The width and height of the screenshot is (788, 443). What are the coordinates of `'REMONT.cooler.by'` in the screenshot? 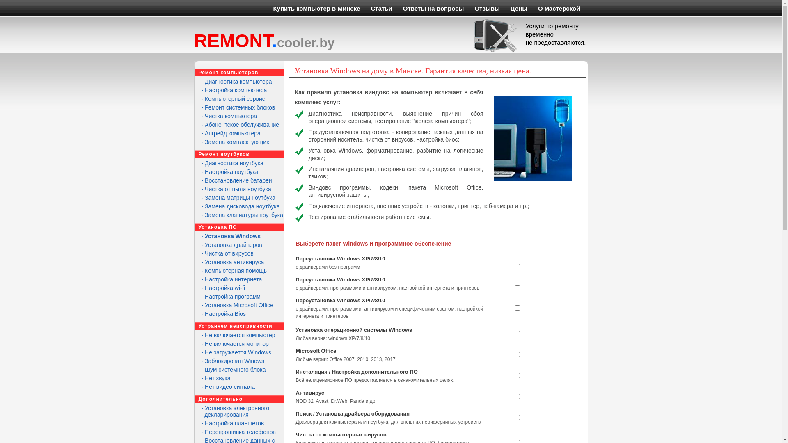 It's located at (264, 41).